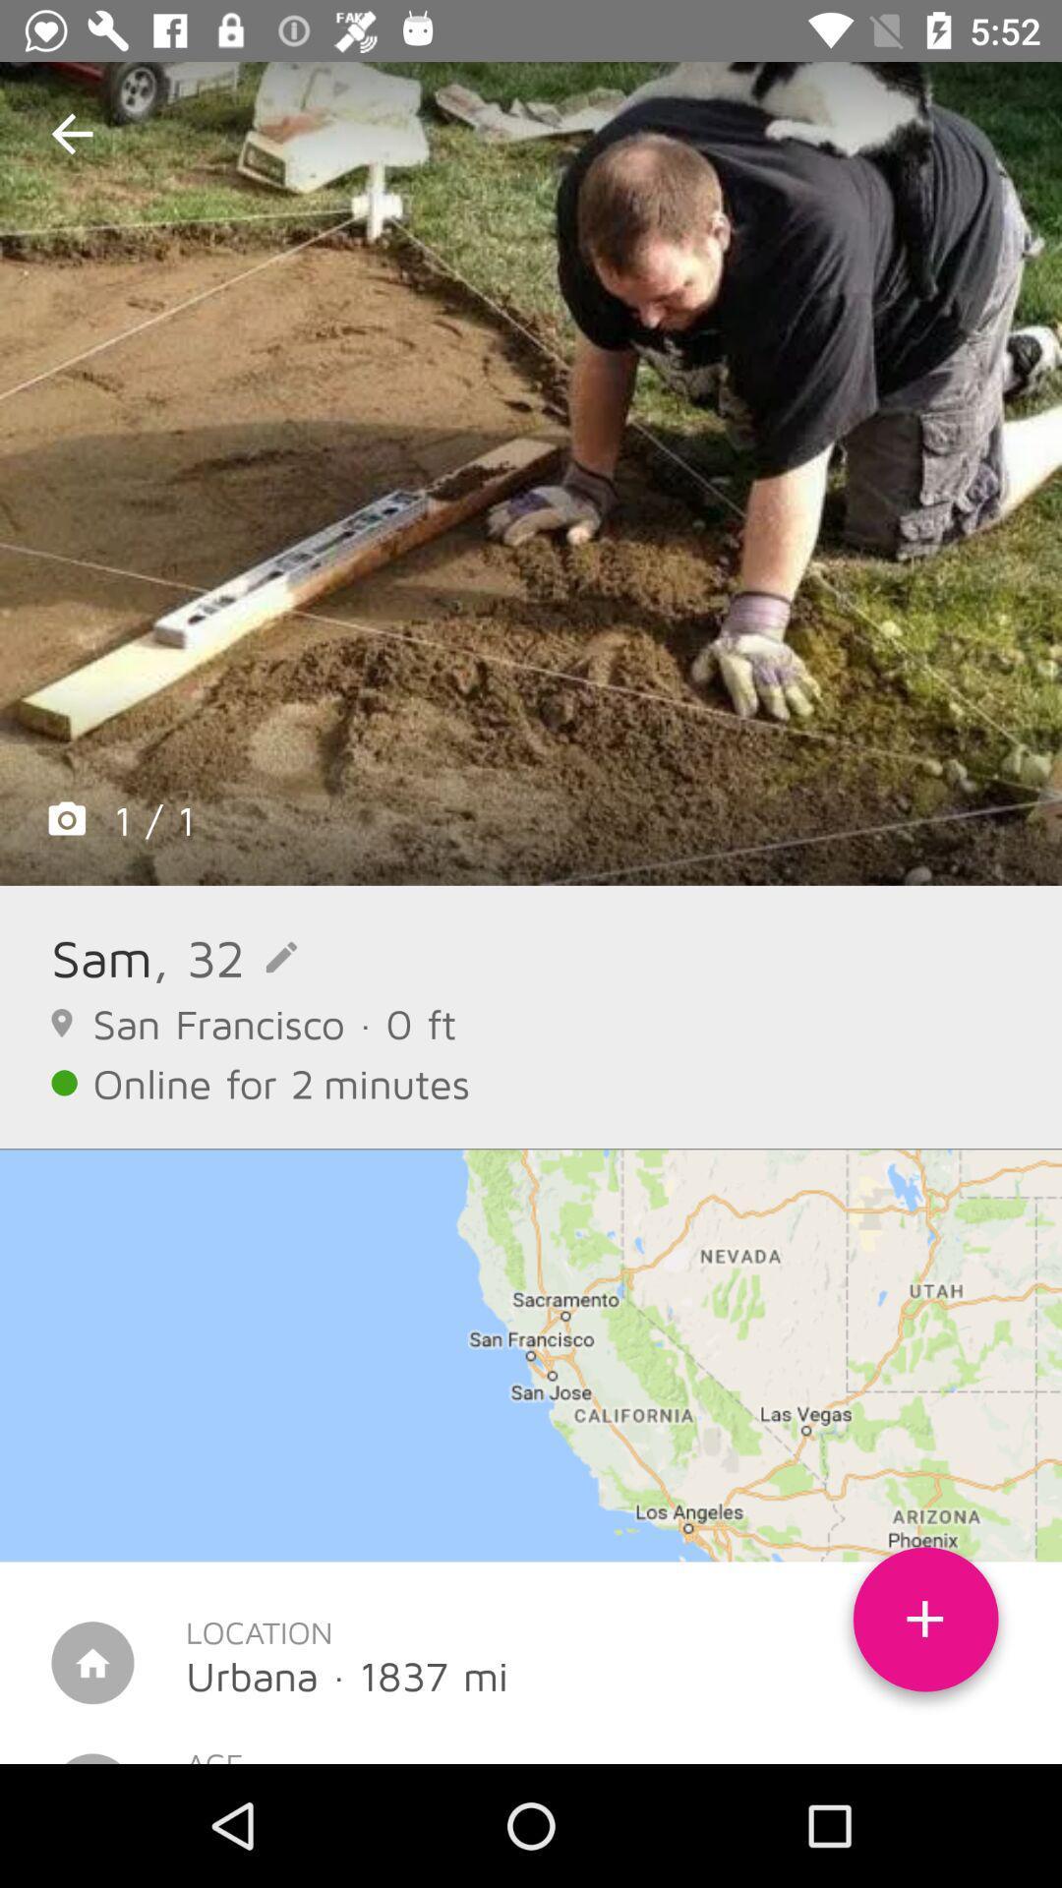  What do you see at coordinates (71, 133) in the screenshot?
I see `icon at the top left corner` at bounding box center [71, 133].